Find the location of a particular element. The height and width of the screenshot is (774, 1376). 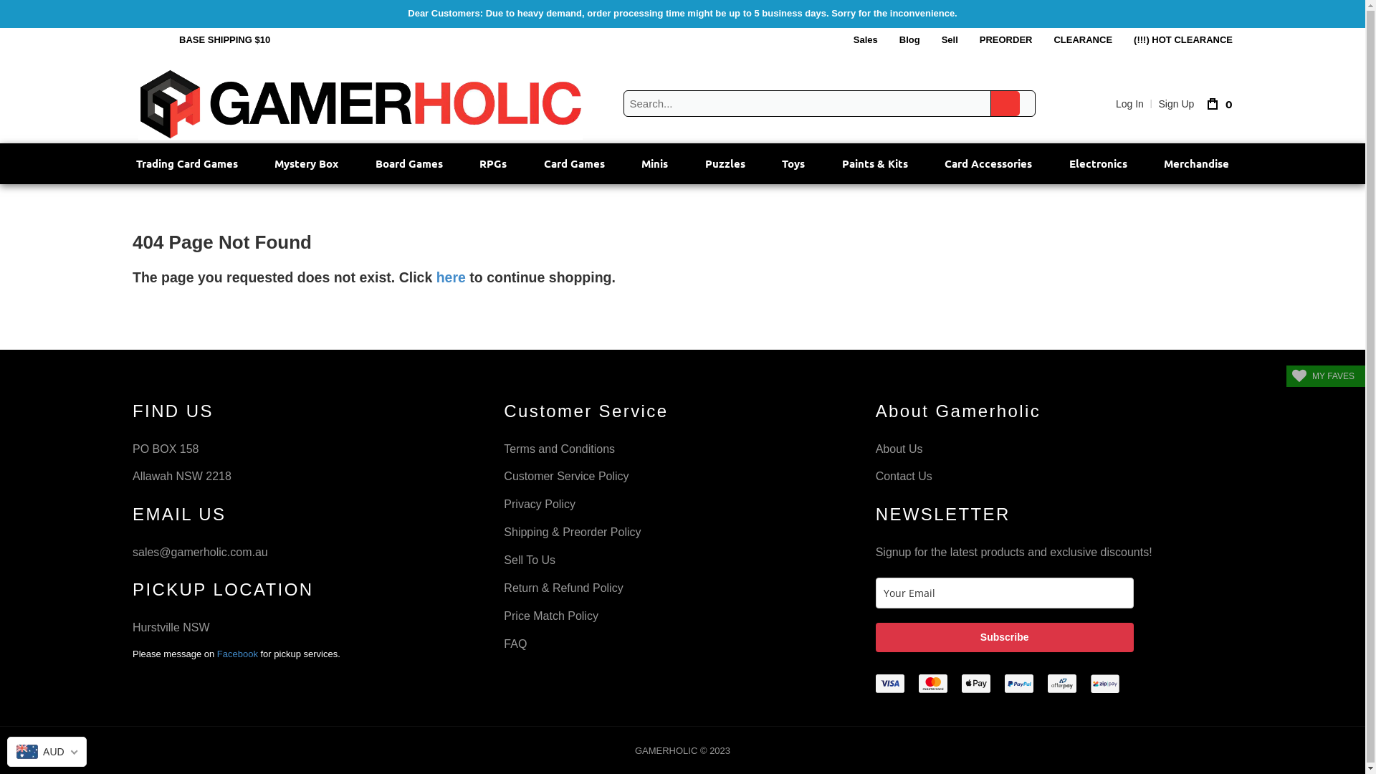

'Toys' is located at coordinates (793, 163).